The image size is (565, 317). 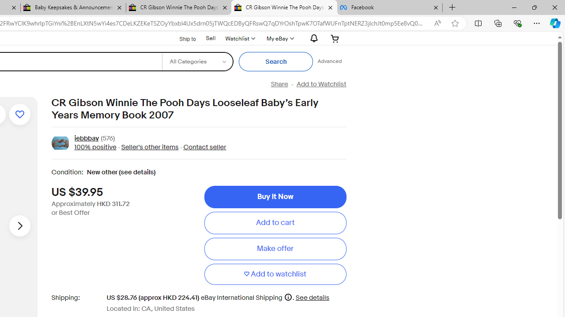 I want to click on '100% positive', so click(x=95, y=147).